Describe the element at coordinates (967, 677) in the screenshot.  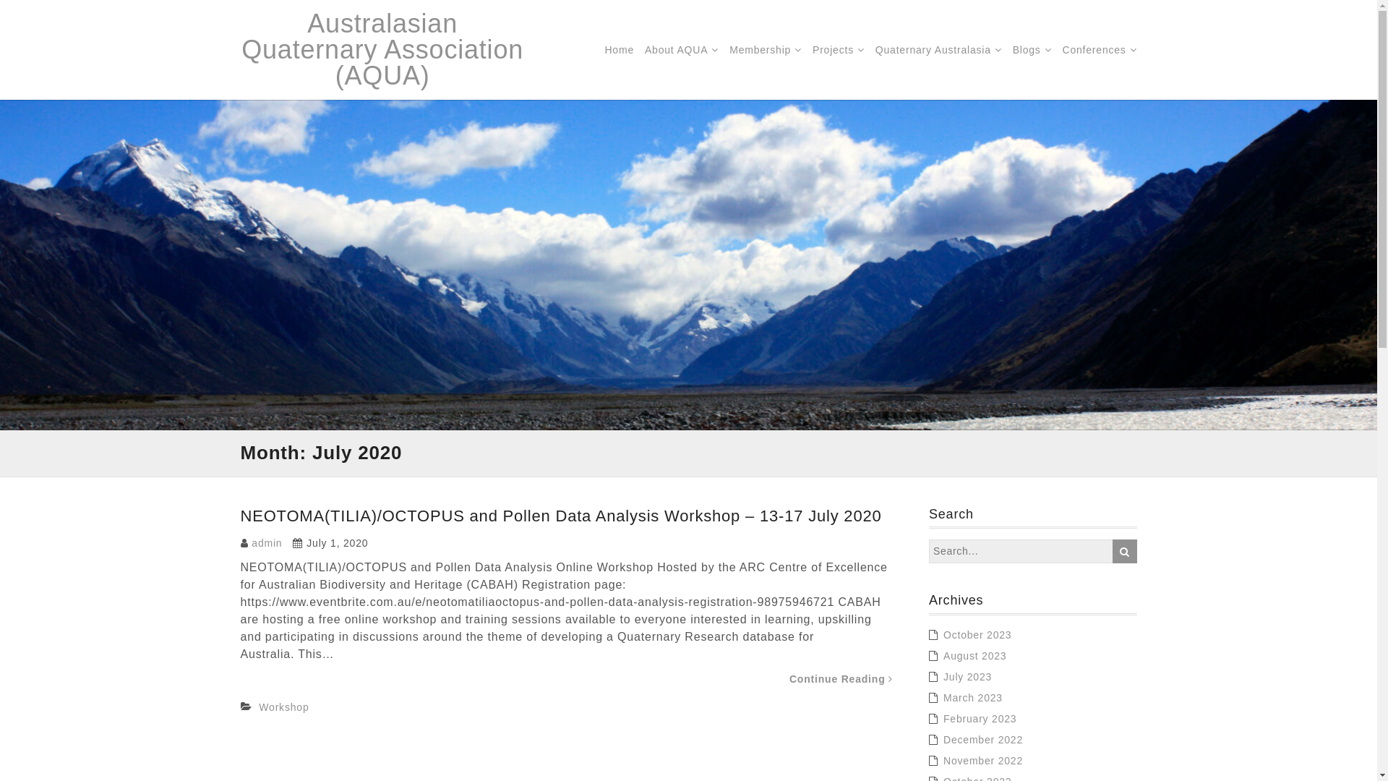
I see `'July 2023'` at that location.